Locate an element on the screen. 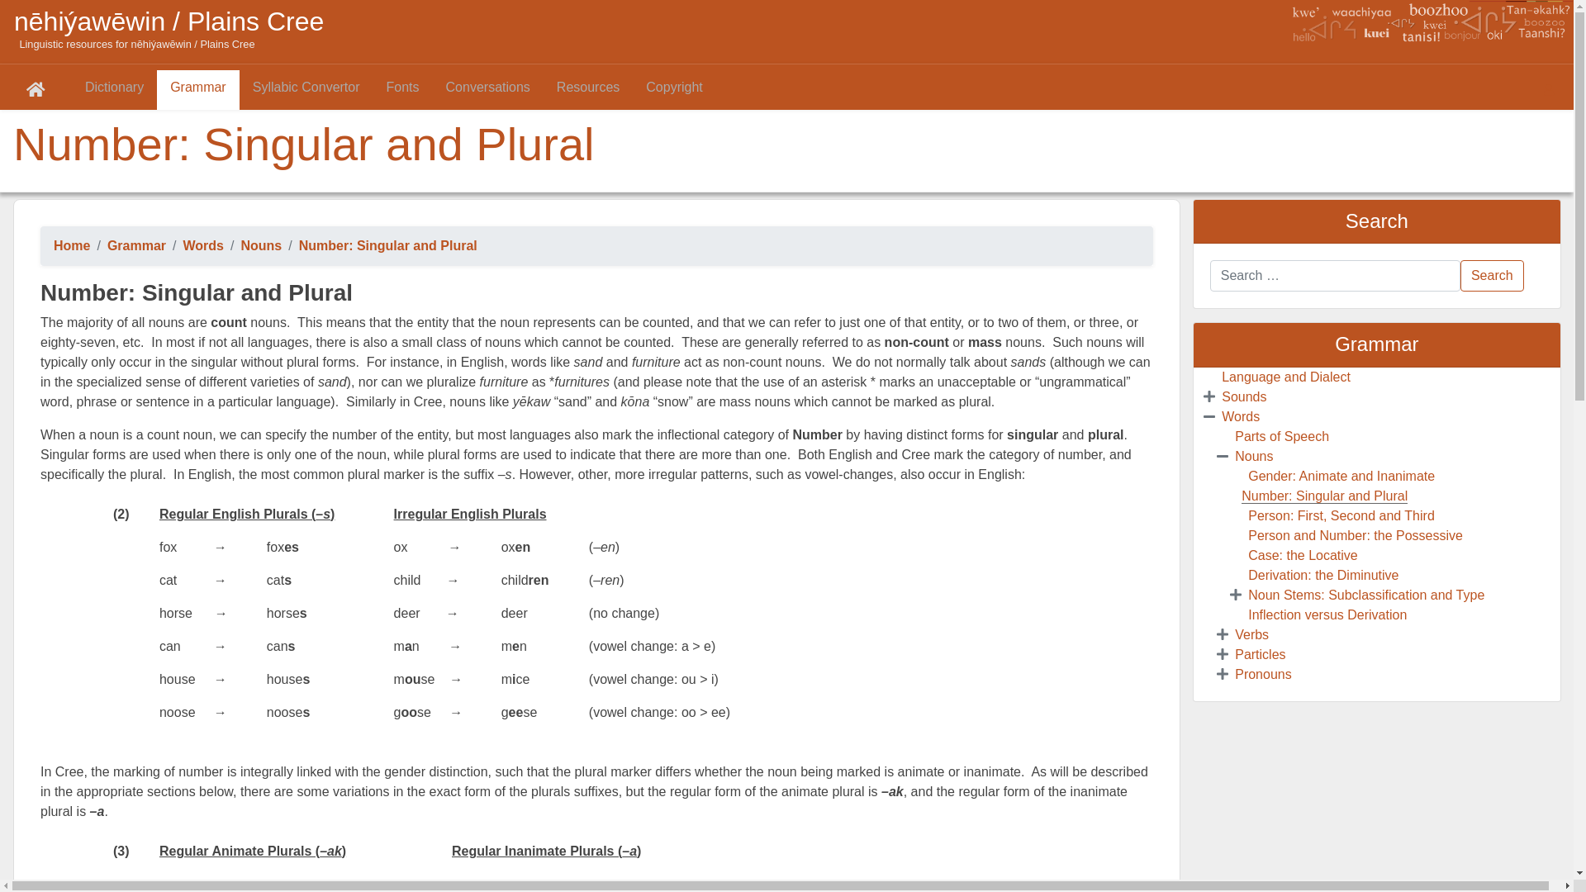  'Number: Singular and Plural' is located at coordinates (1324, 496).